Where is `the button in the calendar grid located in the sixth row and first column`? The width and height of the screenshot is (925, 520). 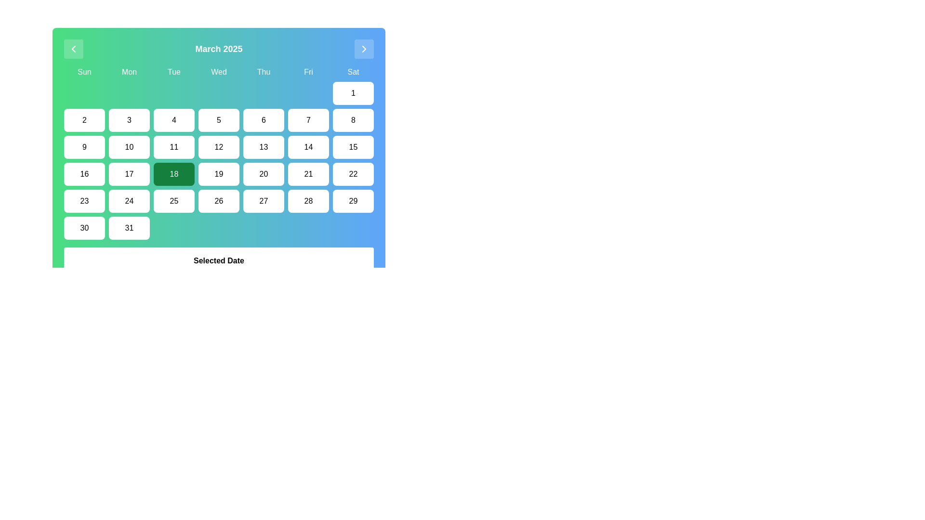
the button in the calendar grid located in the sixth row and first column is located at coordinates (84, 200).